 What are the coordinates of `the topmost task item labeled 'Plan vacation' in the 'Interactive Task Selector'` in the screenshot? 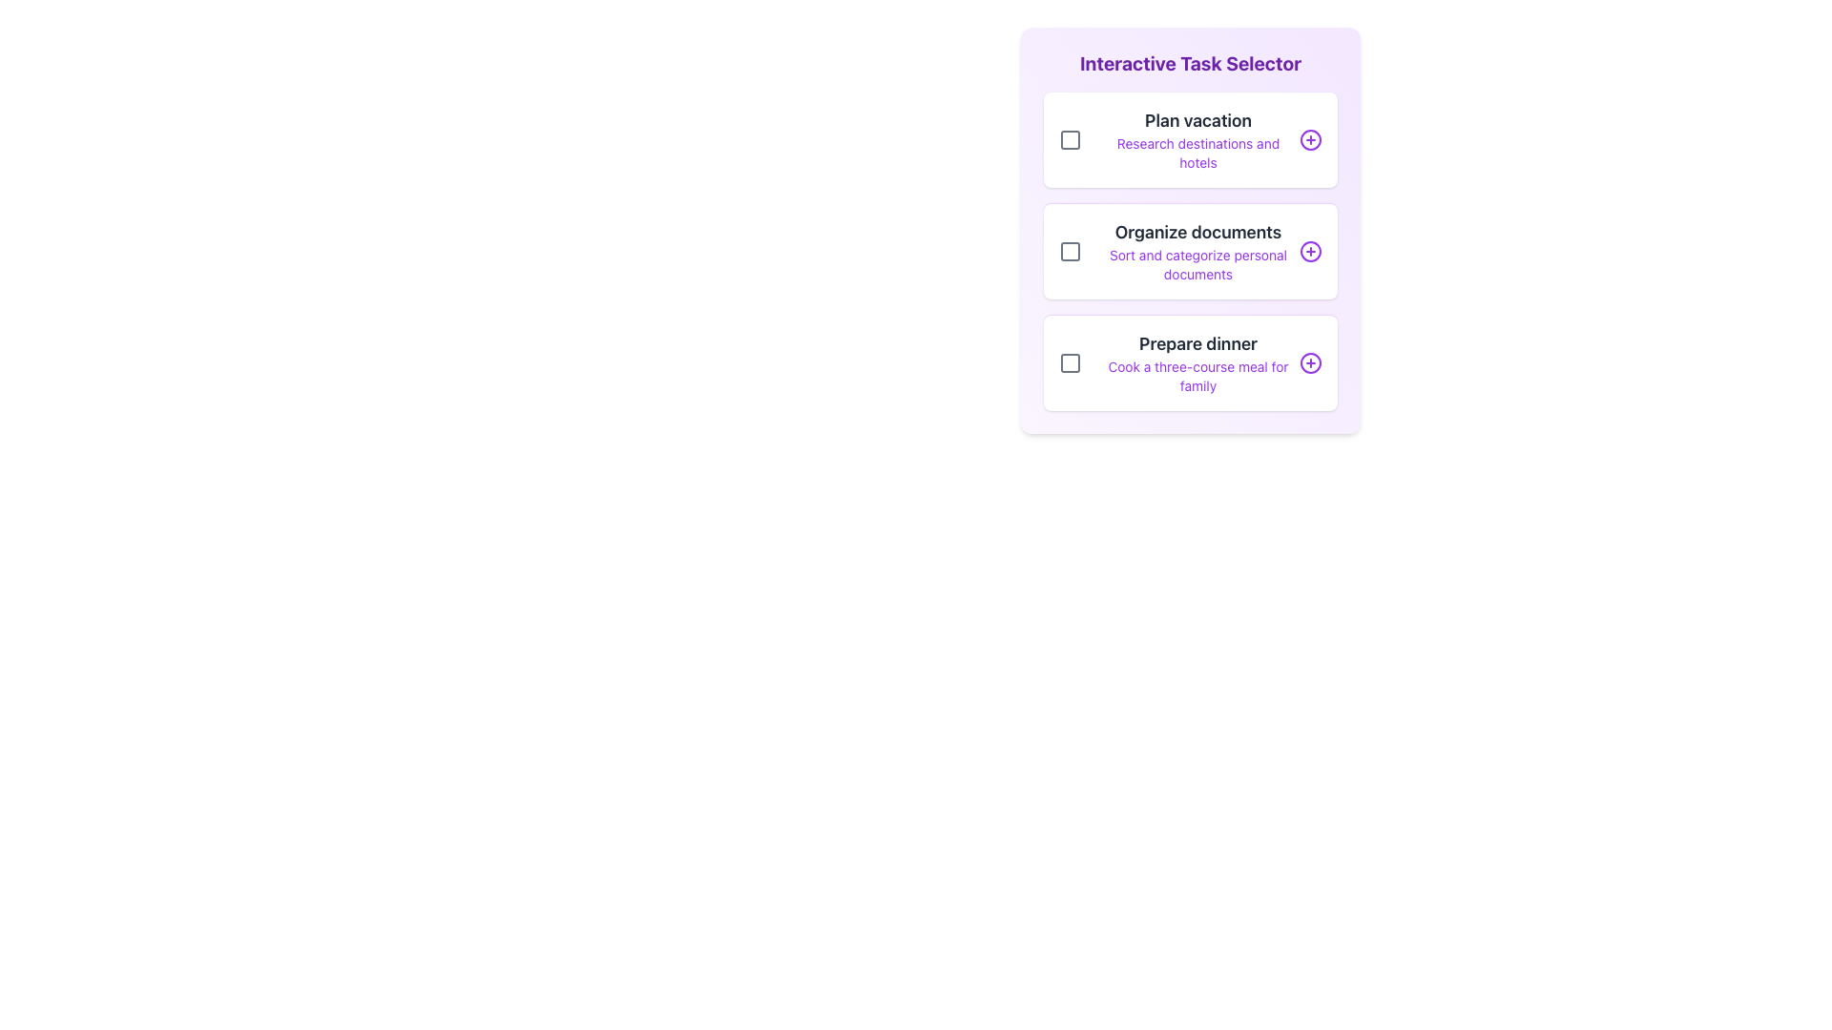 It's located at (1178, 138).